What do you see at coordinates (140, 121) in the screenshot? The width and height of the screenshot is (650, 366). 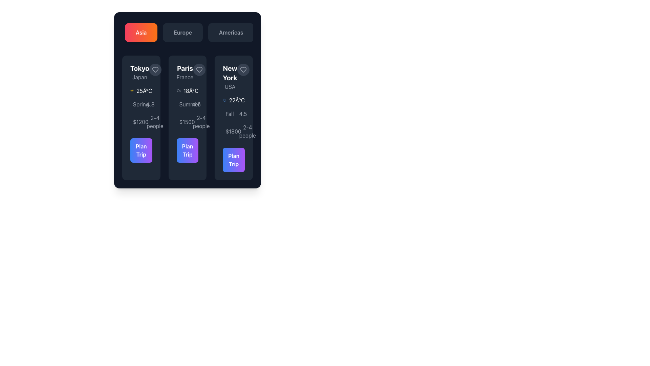 I see `the static text label displaying the monetary value '$1200' styled in light gray text against a dark background, located in the leftmost column of a trip card layout, below the weather information and above the 'Plan Trip' button` at bounding box center [140, 121].